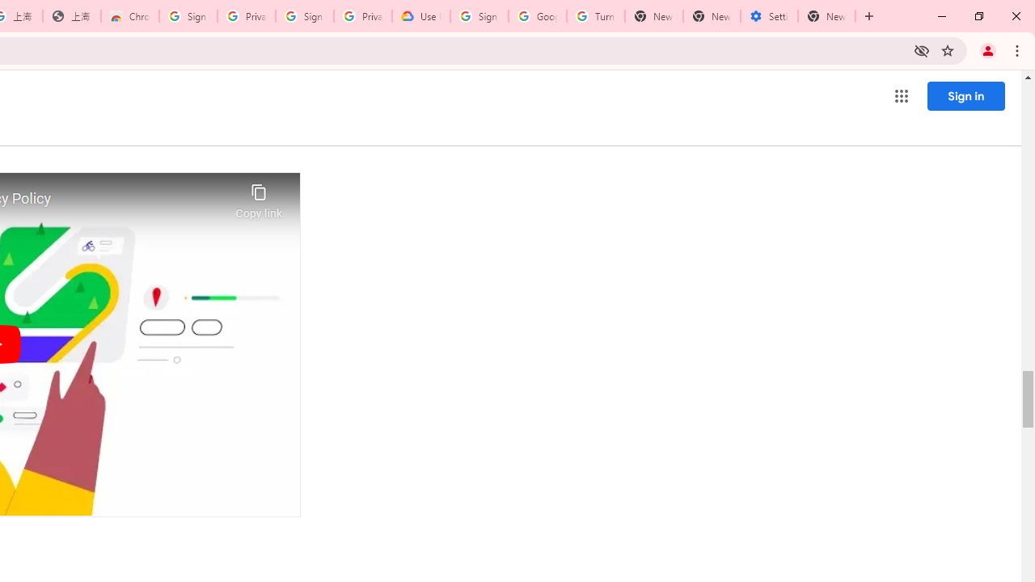 This screenshot has width=1035, height=582. I want to click on 'Chrome Web Store - Color themes by Chrome', so click(130, 16).